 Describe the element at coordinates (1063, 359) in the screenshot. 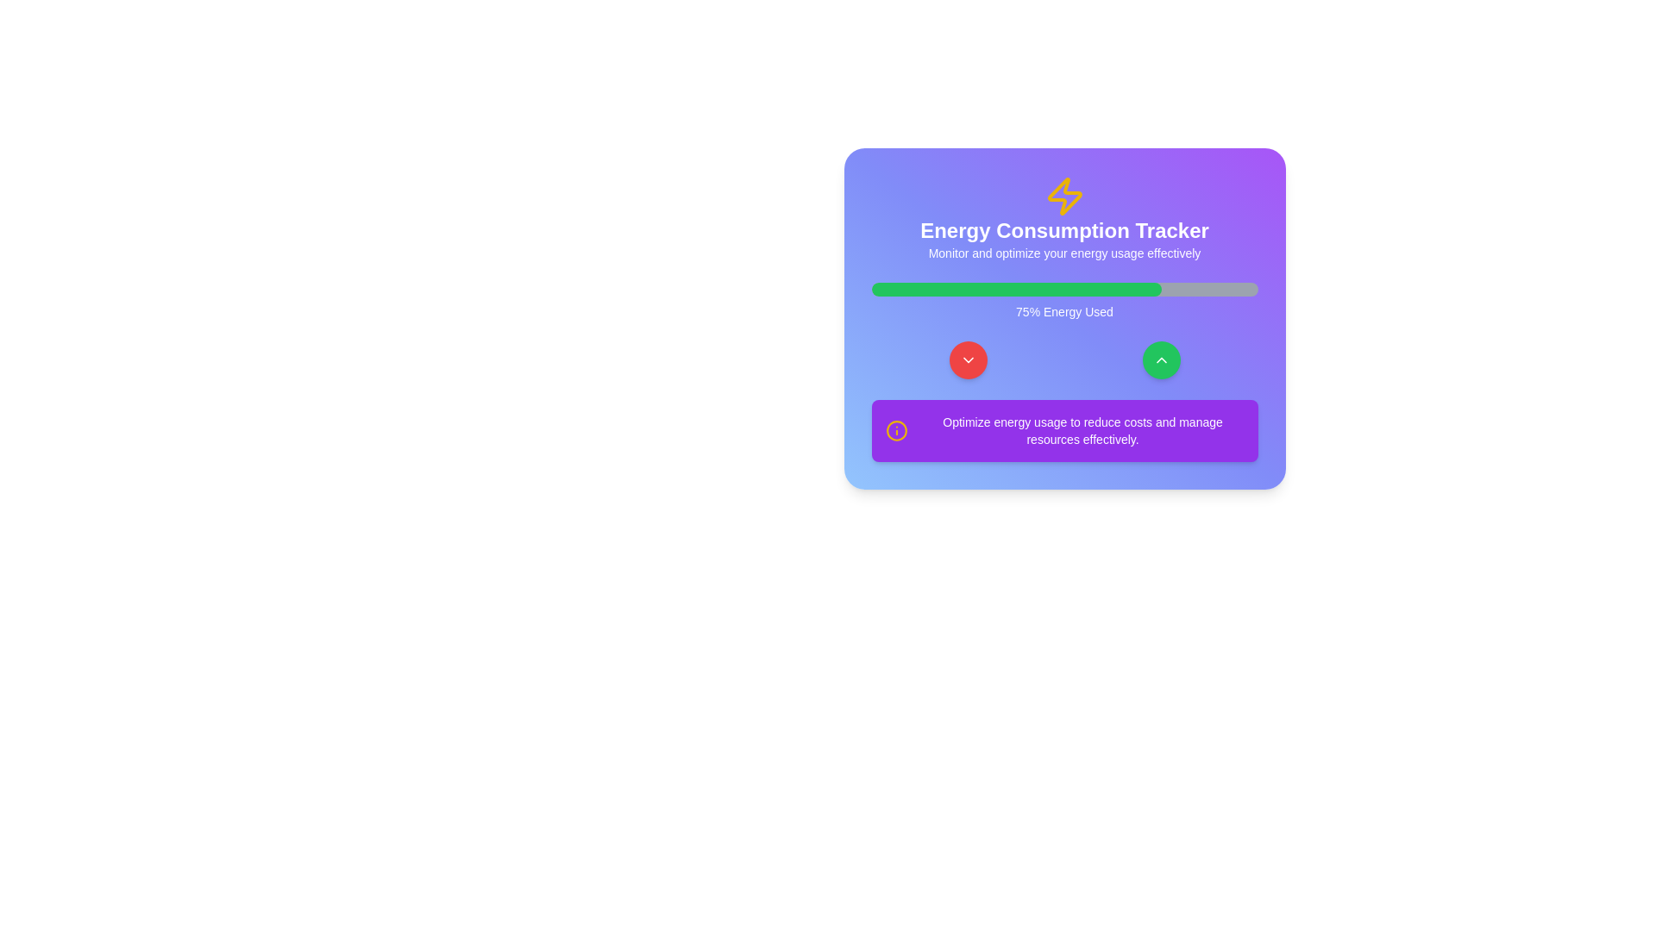

I see `the red button with a downward chevron icon in the A button group located in the lower half of the card component` at that location.